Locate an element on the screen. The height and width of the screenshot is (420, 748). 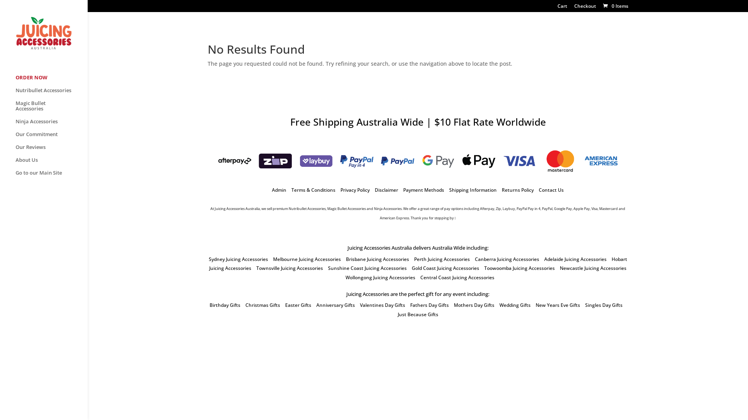
'Gold Coast Juicing Accessories' is located at coordinates (445, 268).